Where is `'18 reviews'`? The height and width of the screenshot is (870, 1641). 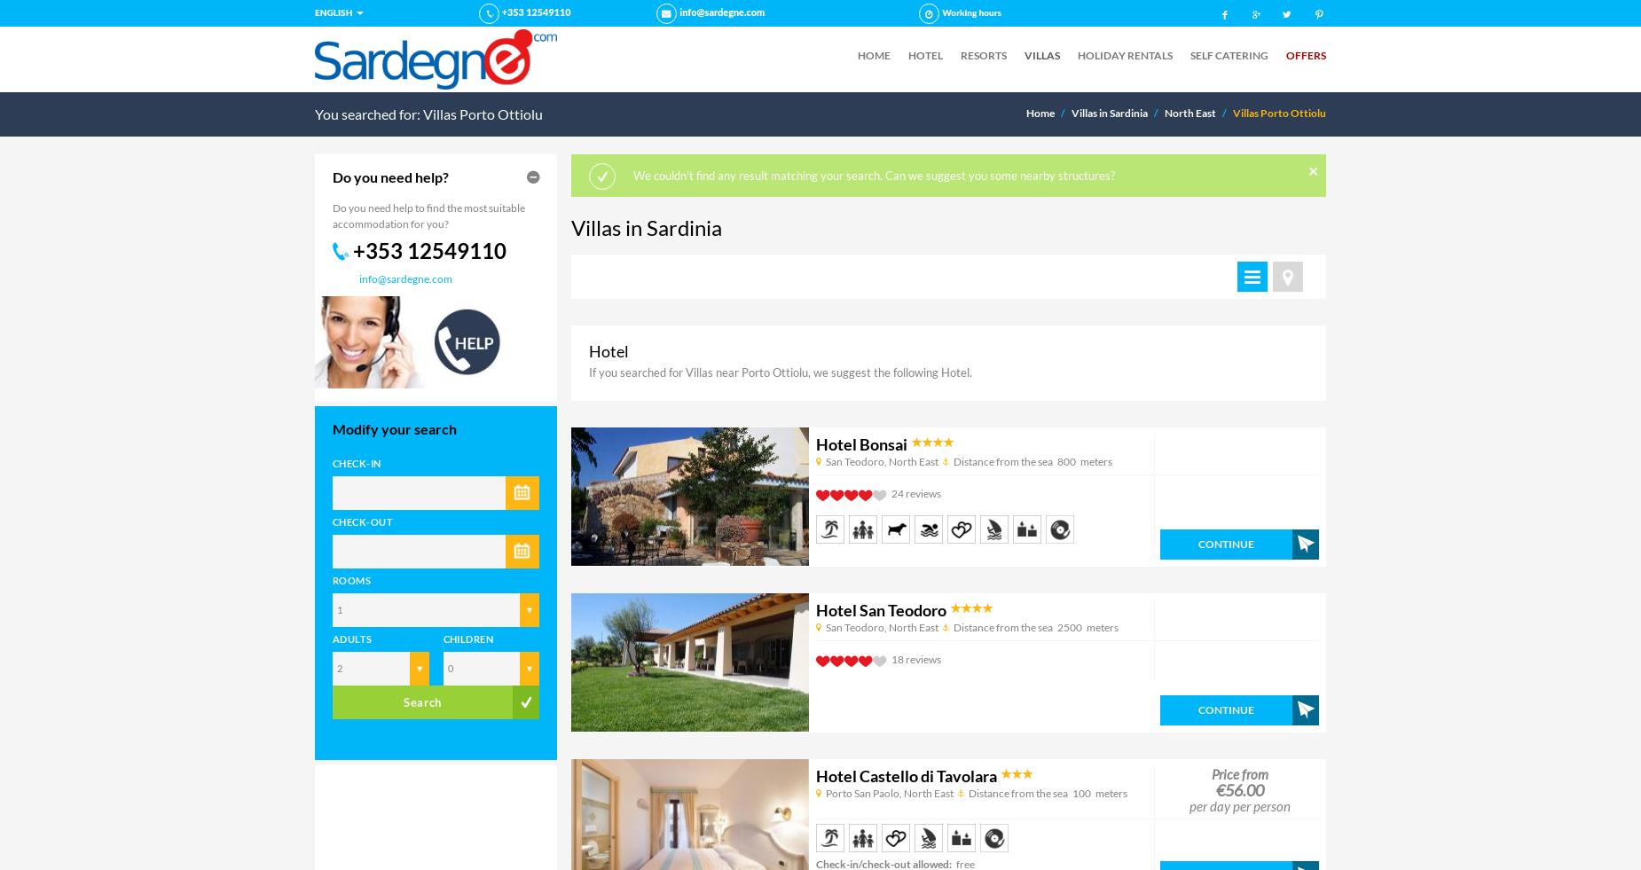
'18 reviews' is located at coordinates (914, 659).